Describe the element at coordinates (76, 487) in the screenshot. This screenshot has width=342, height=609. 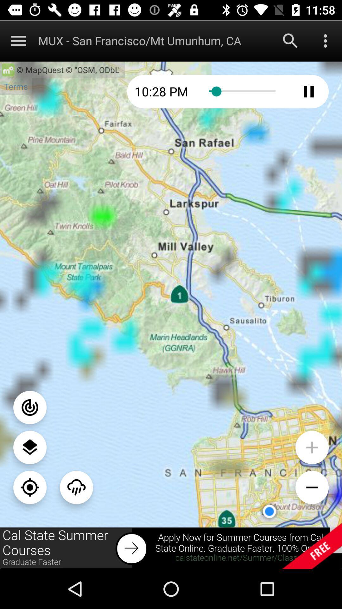
I see `the weather icon` at that location.